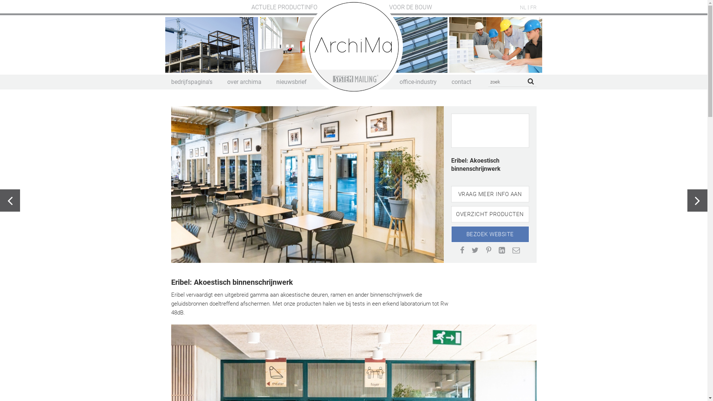  I want to click on 'Pinterest', so click(488, 250).